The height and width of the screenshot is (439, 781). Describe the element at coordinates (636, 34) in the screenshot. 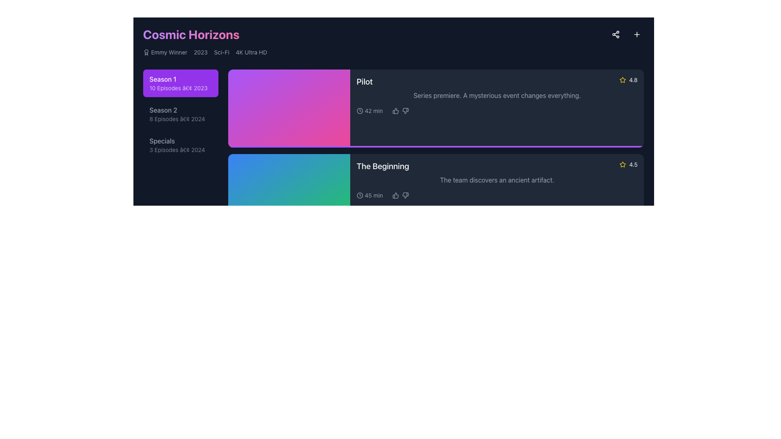

I see `the circular button with a dark background and a plus icon located at the top-right corner of the interface` at that location.